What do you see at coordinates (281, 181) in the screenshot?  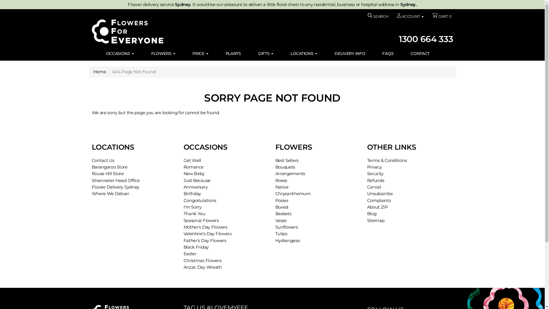 I see `'Roses'` at bounding box center [281, 181].